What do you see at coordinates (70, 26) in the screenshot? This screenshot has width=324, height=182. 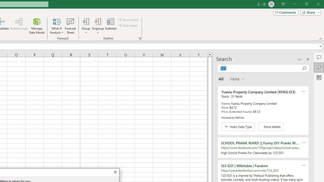 I see `'Forecast Sheet'` at bounding box center [70, 26].